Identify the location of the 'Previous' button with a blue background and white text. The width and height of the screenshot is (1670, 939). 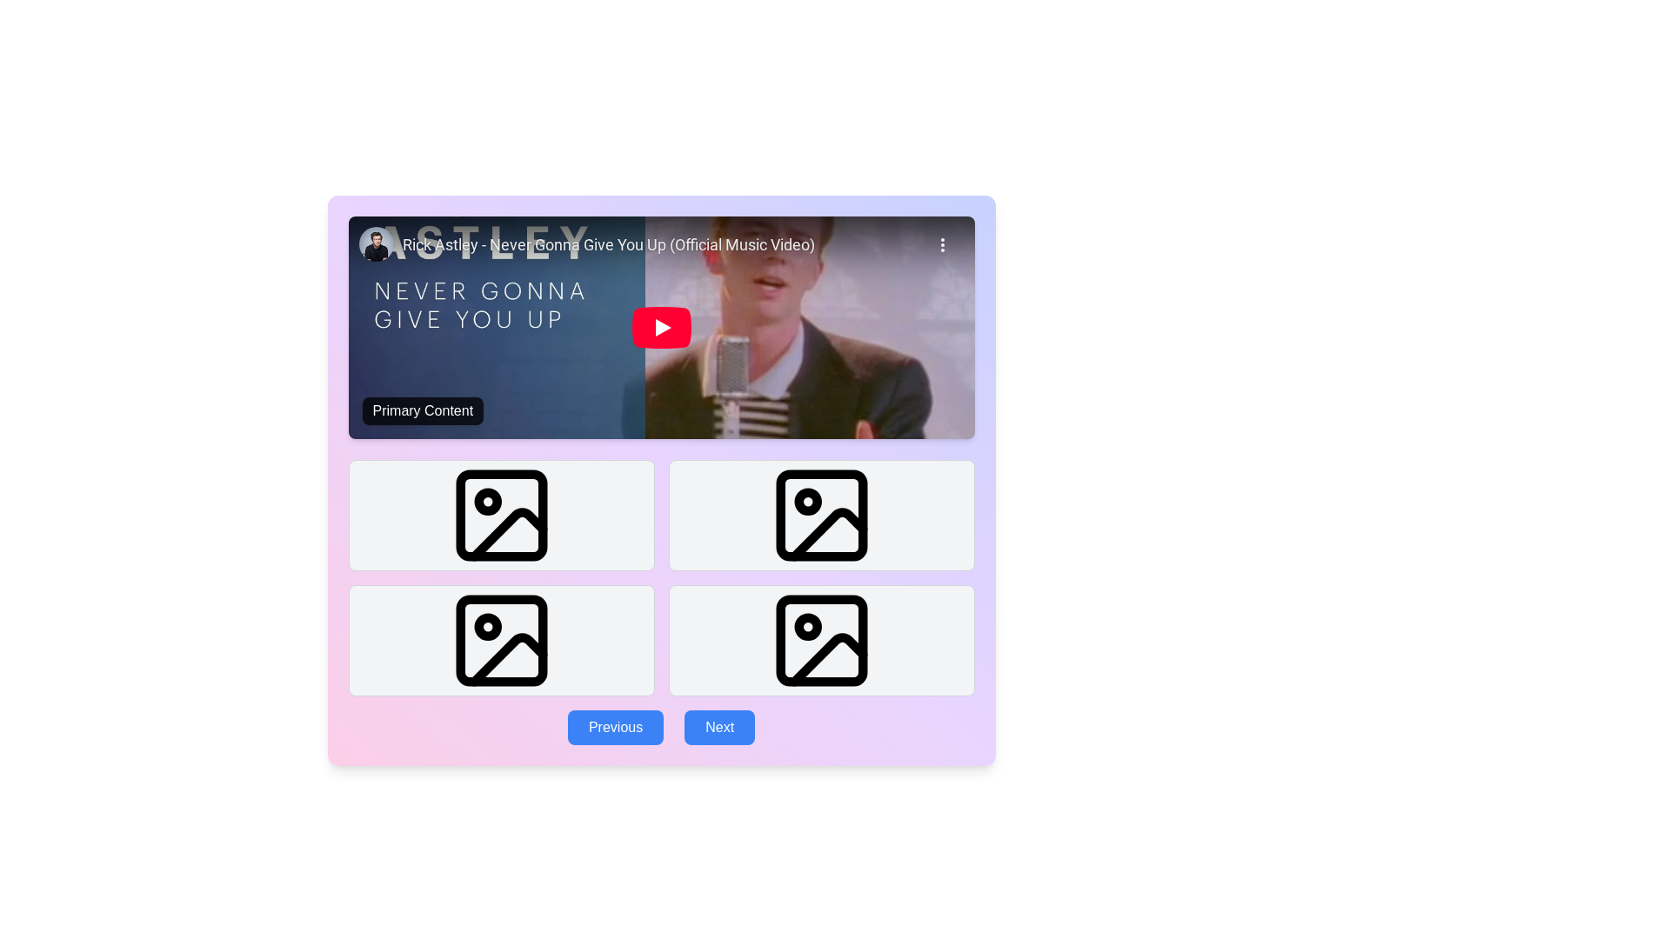
(616, 728).